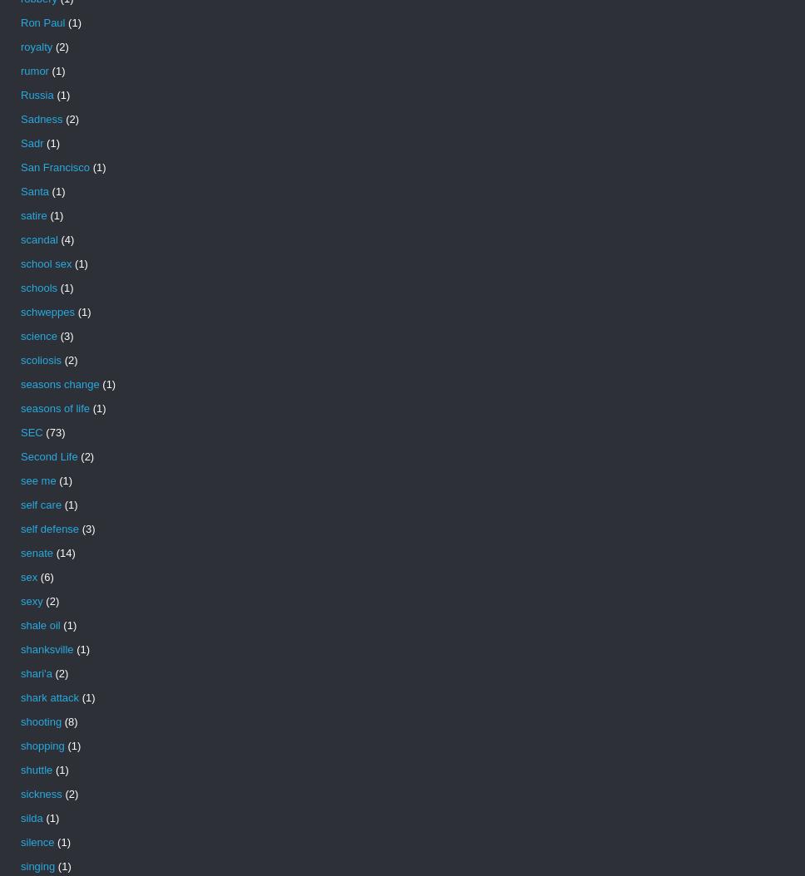 This screenshot has width=805, height=876. Describe the element at coordinates (40, 721) in the screenshot. I see `'shooting'` at that location.